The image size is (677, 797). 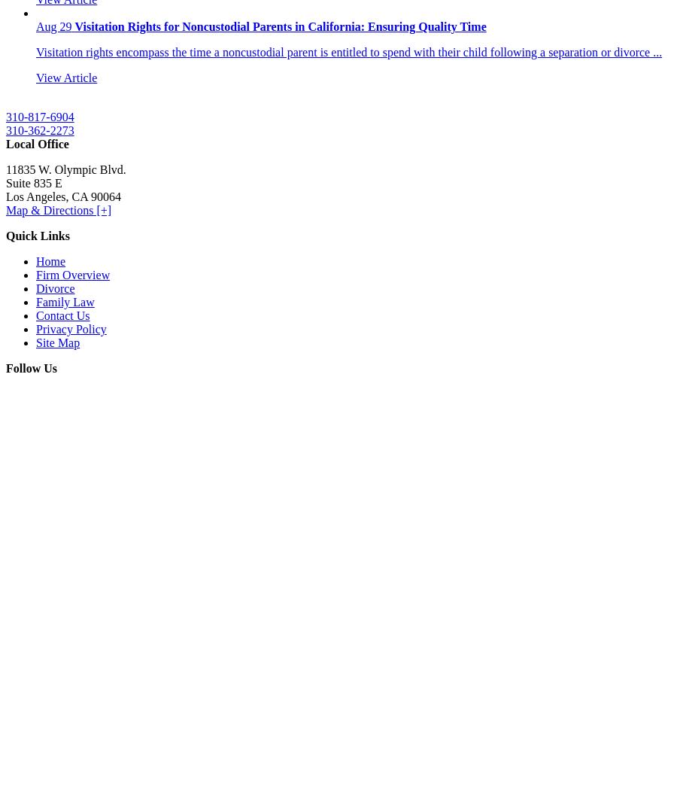 I want to click on 'View Article', so click(x=65, y=78).